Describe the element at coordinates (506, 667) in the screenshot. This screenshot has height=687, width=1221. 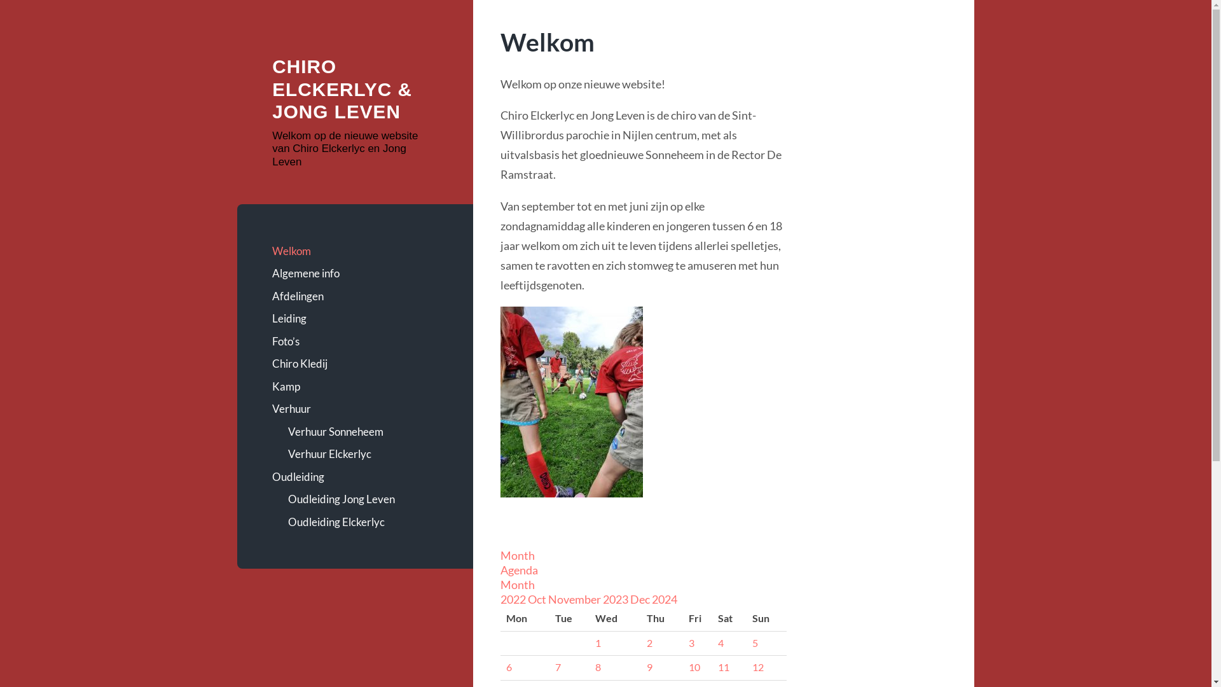
I see `'6'` at that location.